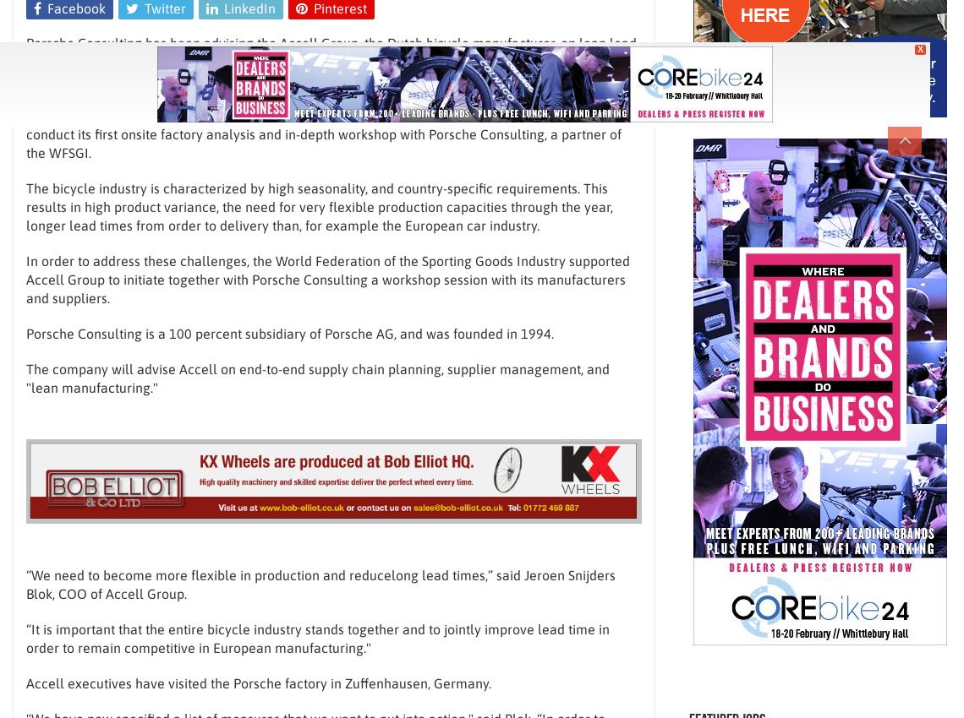  I want to click on 'During the WFSGI Manufacturers’ Committee Meeting in December 2013, WFSGI decided to develop workshops and event activities on a neutral platform for its members. Last month Accell Group conduct its first onsite factory analysis and in-depth workshop with Porsche Consulting, a partner of the WFSGI.', so click(326, 124).